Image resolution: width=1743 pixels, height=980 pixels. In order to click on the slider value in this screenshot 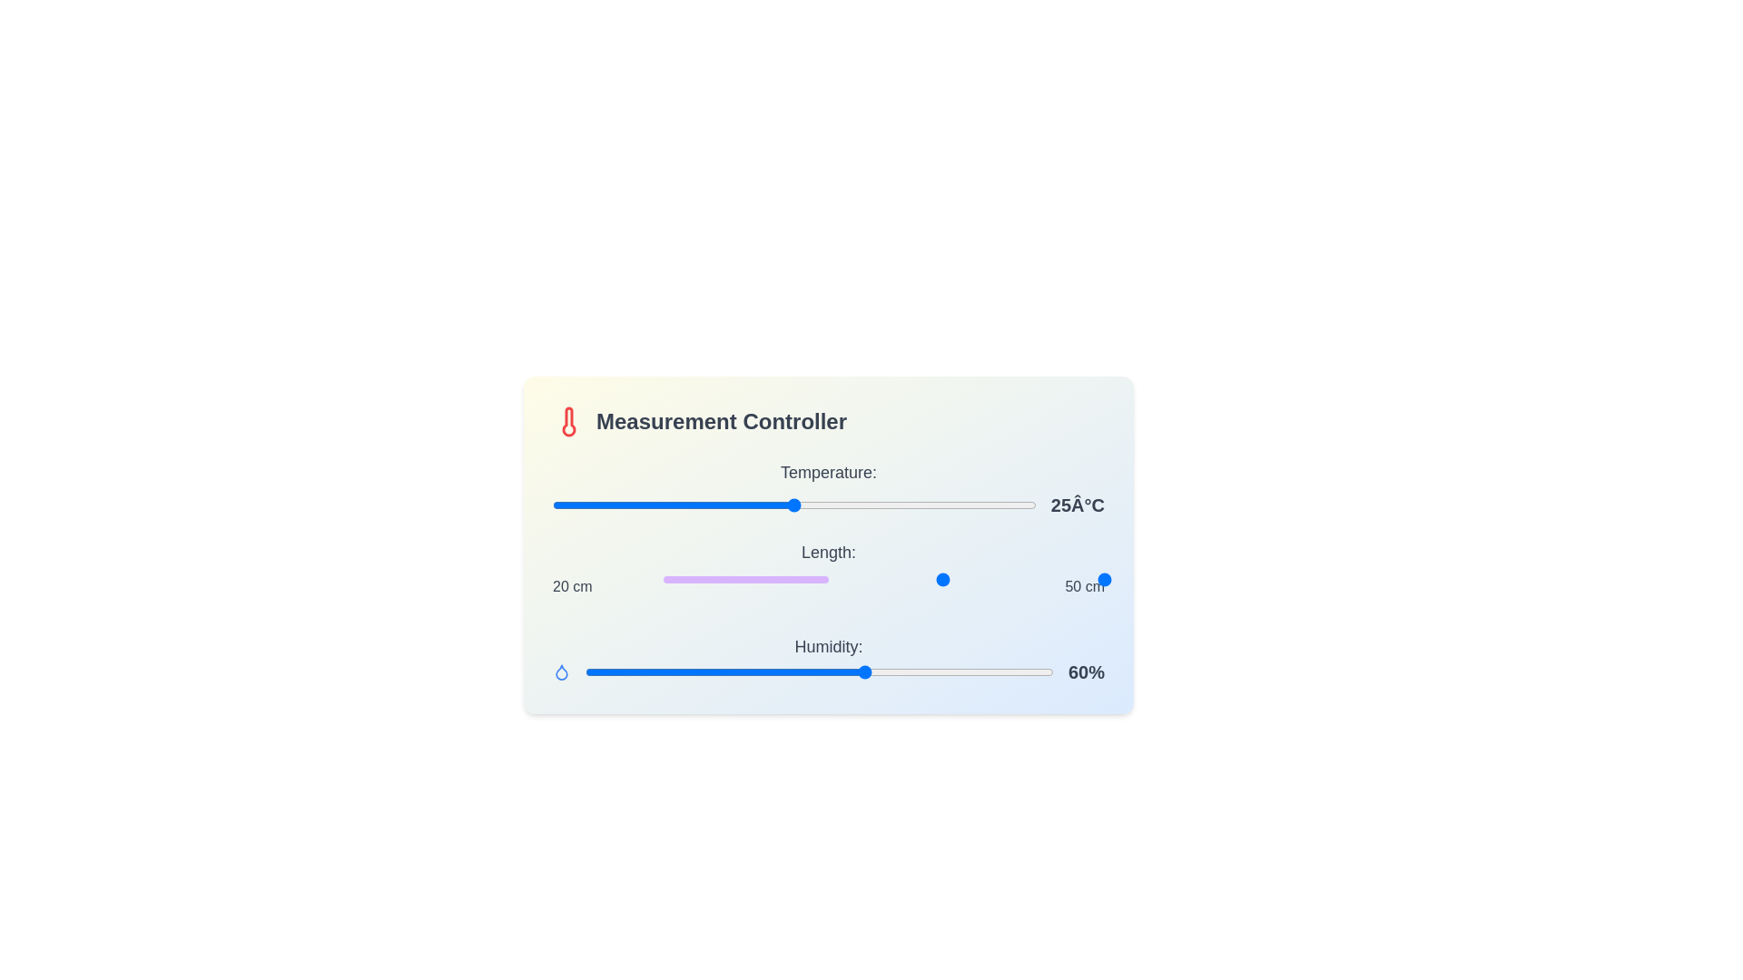, I will do `click(833, 580)`.